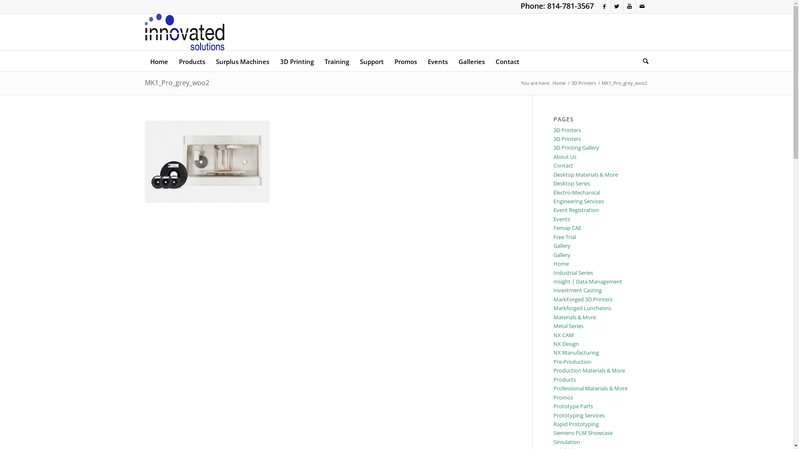  What do you see at coordinates (553, 157) in the screenshot?
I see `'About Us'` at bounding box center [553, 157].